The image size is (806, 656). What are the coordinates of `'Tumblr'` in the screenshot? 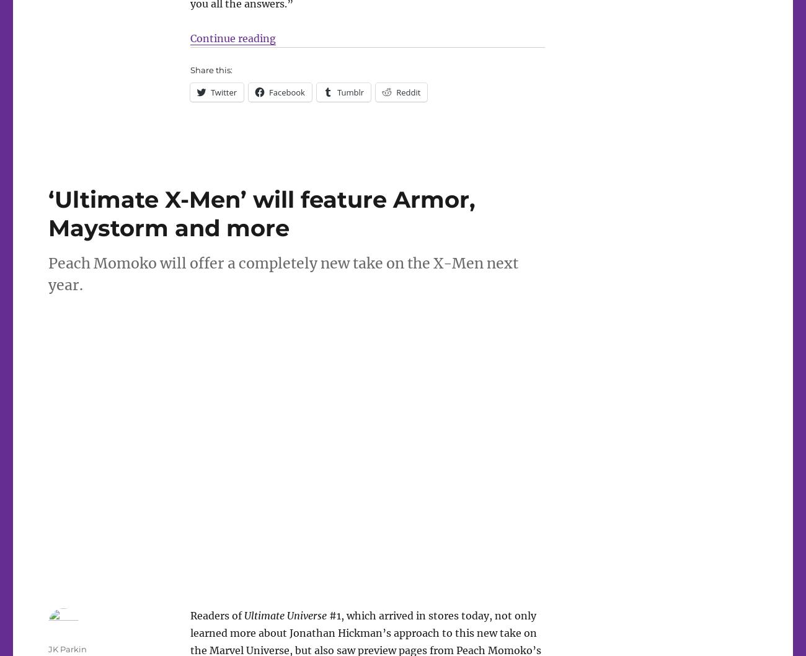 It's located at (349, 91).